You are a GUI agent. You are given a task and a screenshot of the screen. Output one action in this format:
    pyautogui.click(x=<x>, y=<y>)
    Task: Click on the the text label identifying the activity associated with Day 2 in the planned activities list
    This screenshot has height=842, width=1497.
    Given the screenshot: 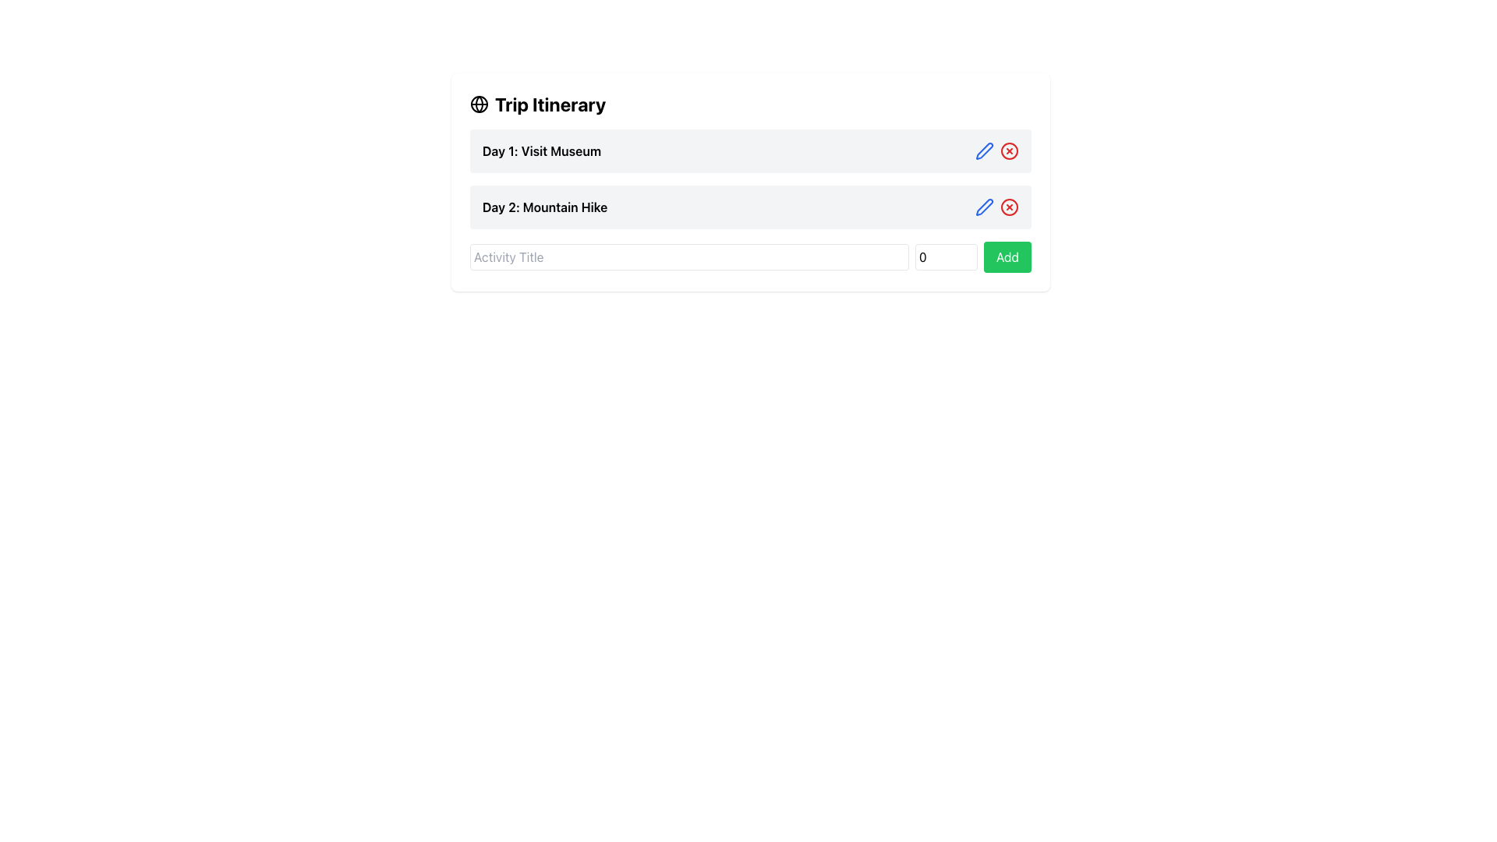 What is the action you would take?
    pyautogui.click(x=545, y=207)
    